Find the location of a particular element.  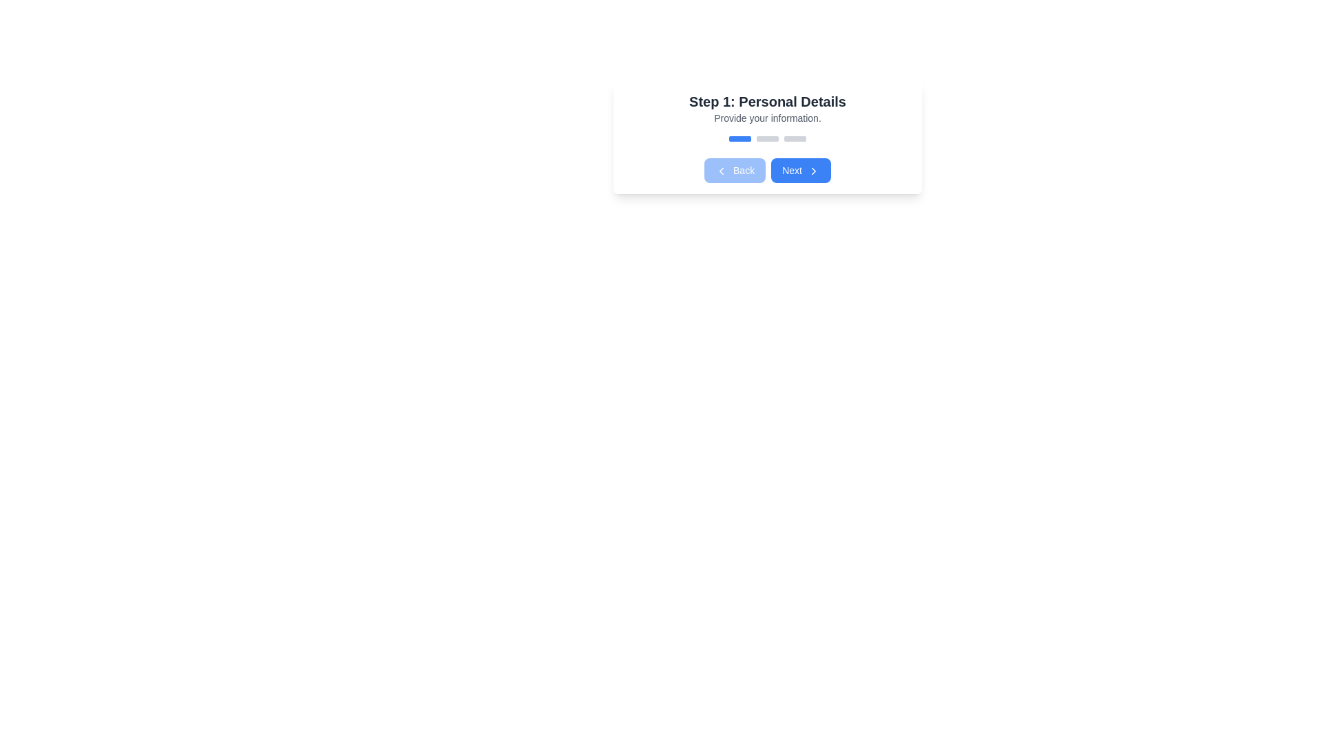

the blue Progress bar segment, which is the leftmost bar in a group of three horizontal bars, distinguished by its solid blue color and rounded edges is located at coordinates (739, 138).